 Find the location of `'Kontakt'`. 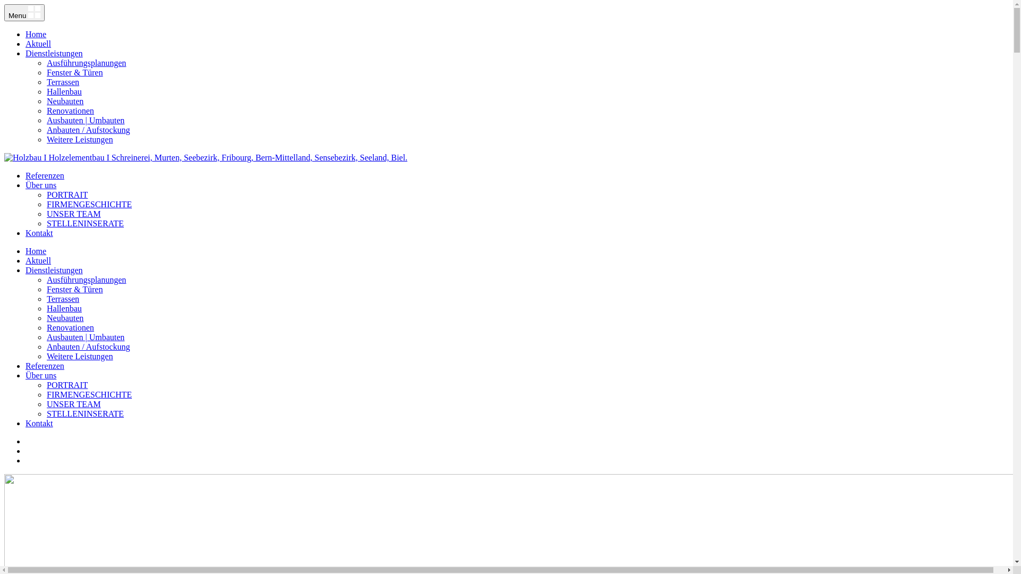

'Kontakt' is located at coordinates (39, 232).